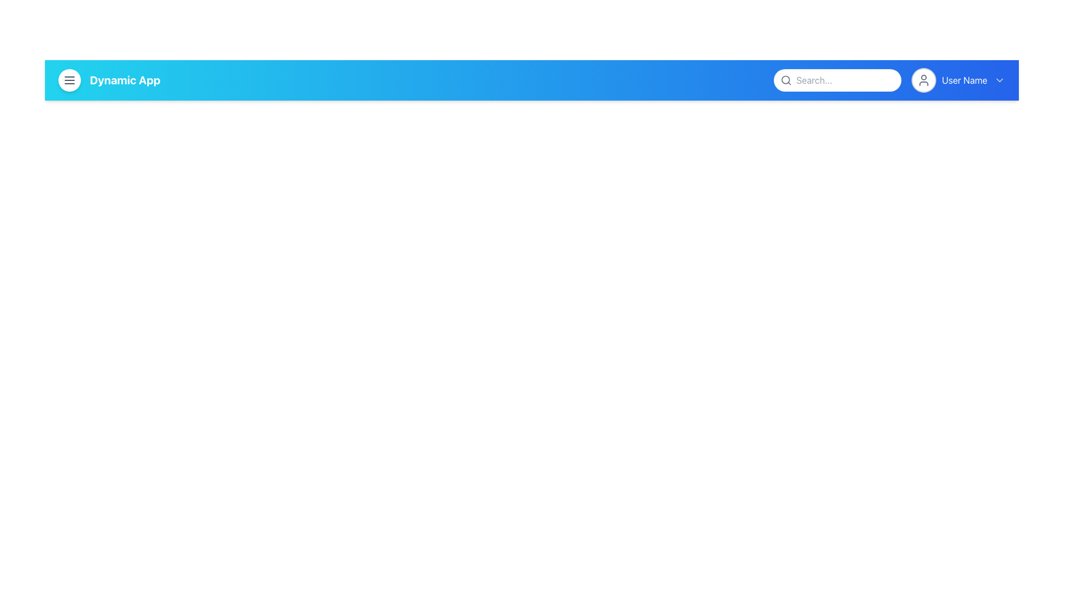 The width and height of the screenshot is (1079, 607). Describe the element at coordinates (964, 79) in the screenshot. I see `the 'User Name' text label, which is displayed in white font on a blue background, located in the top-right corner of the application header` at that location.